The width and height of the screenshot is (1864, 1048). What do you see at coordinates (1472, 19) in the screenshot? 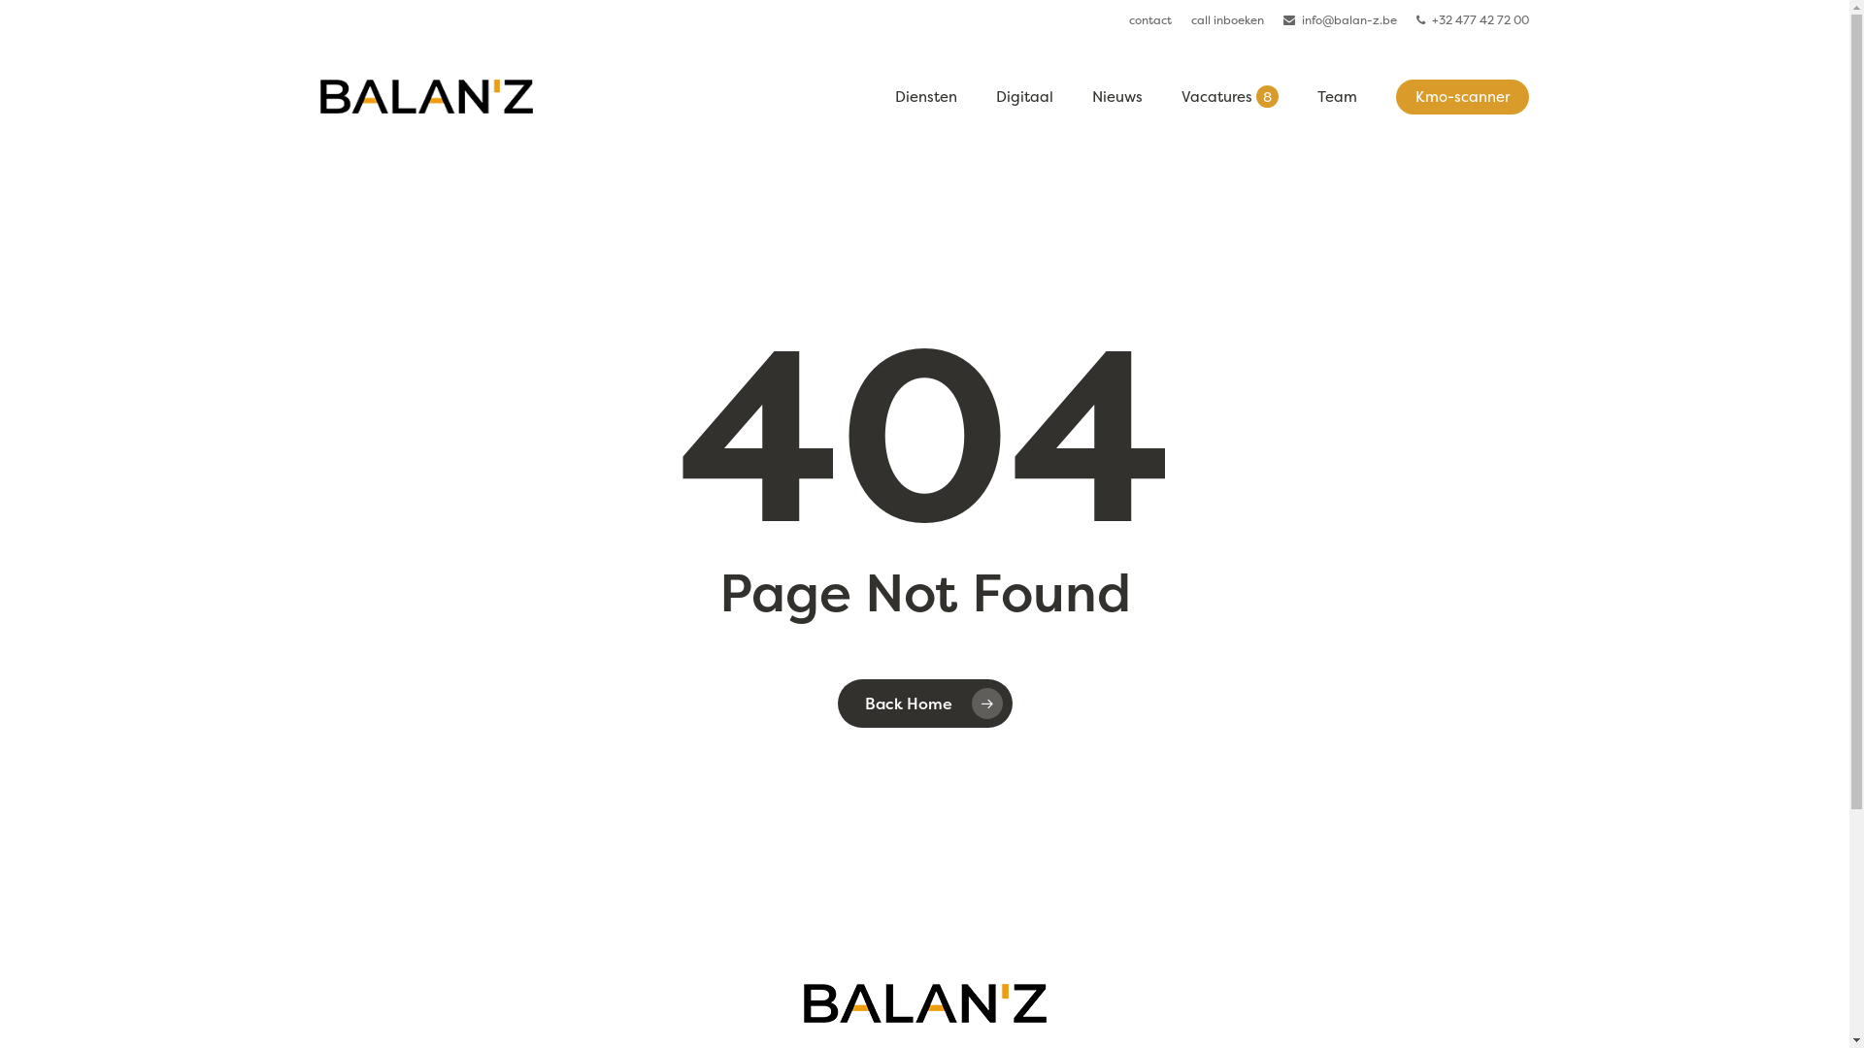
I see `'+32 477 42 72 00'` at bounding box center [1472, 19].